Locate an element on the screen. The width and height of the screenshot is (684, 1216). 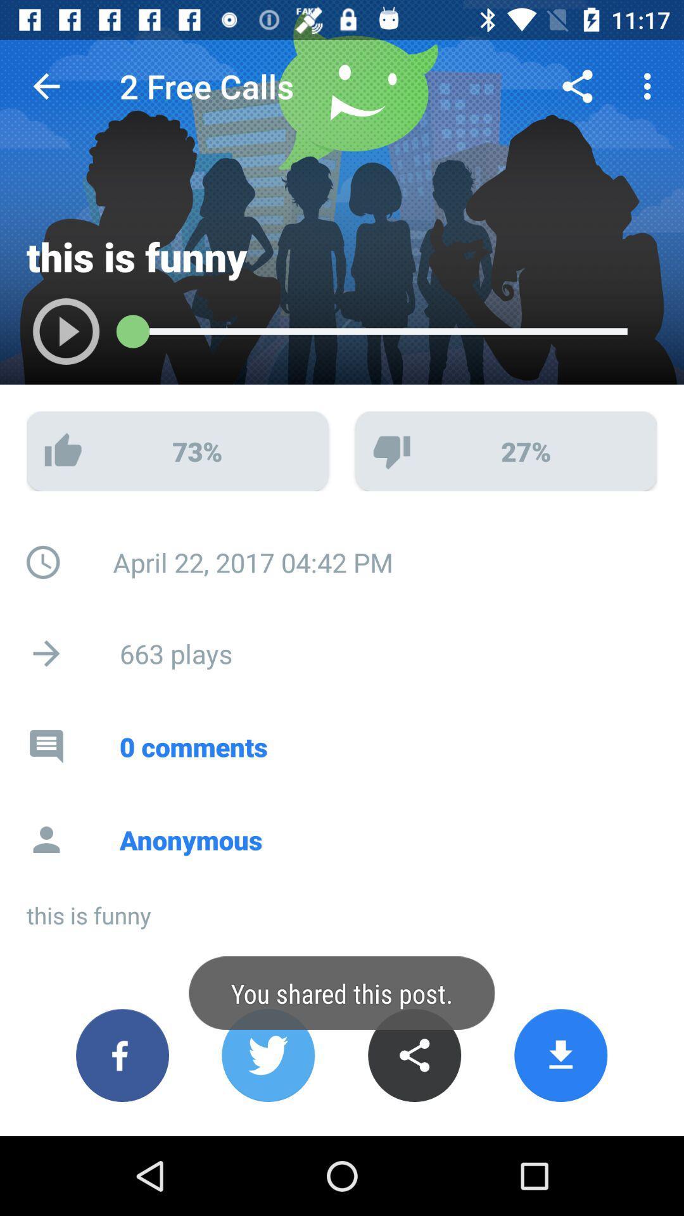
share is located at coordinates (414, 1055).